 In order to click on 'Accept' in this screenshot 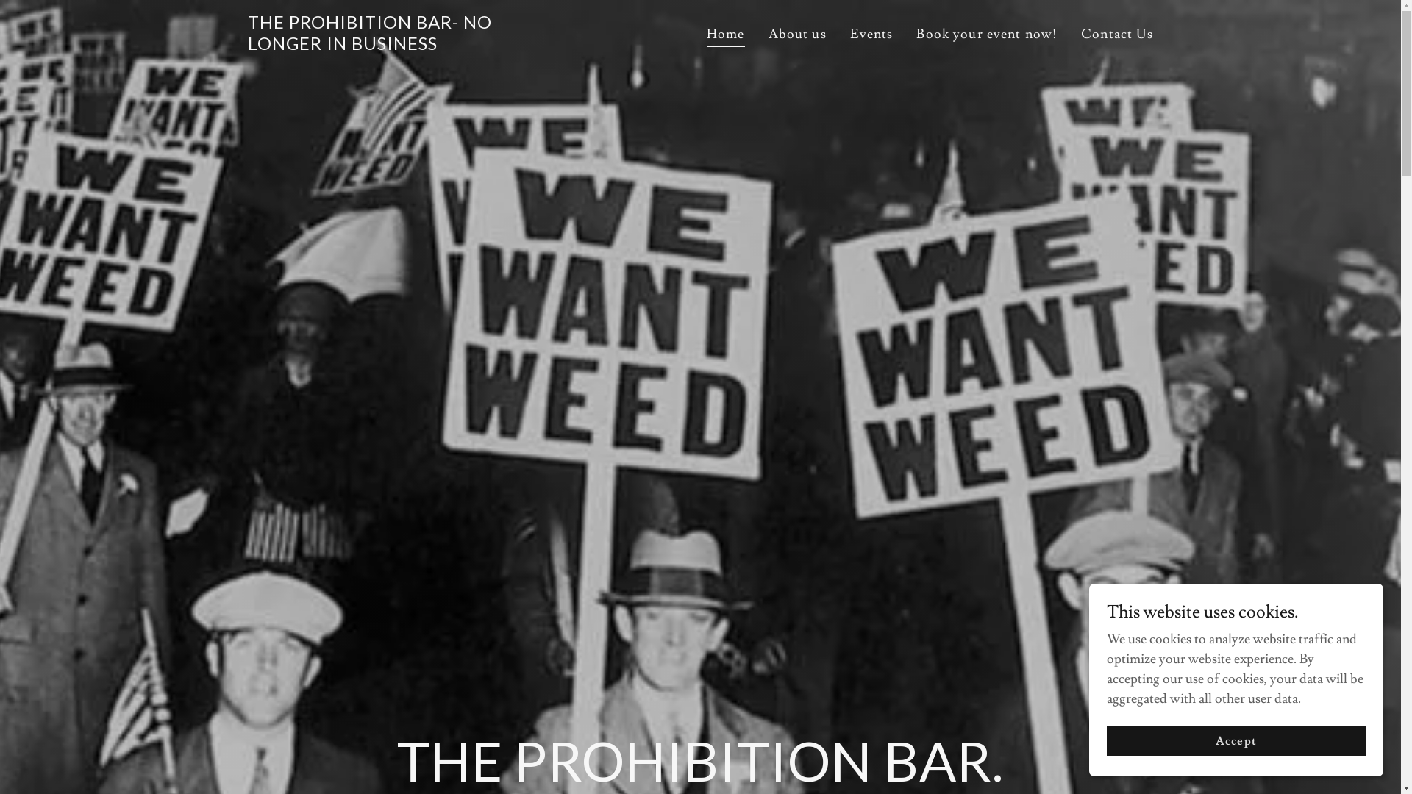, I will do `click(1107, 740)`.